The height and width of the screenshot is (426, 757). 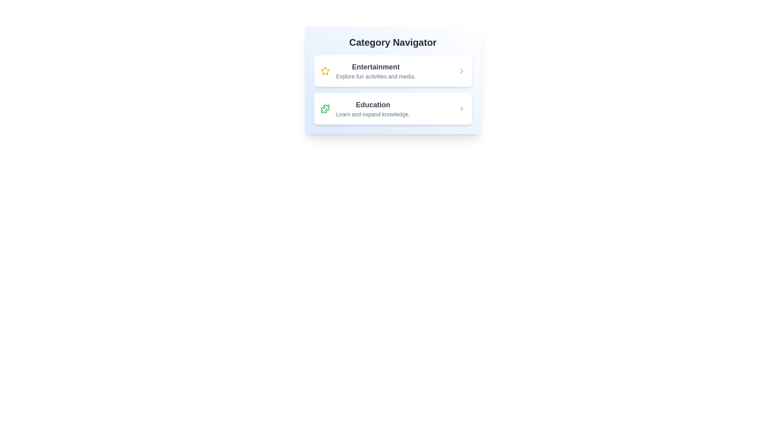 What do you see at coordinates (325, 71) in the screenshot?
I see `the 'Entertainment' category icon located at the top left part of the first card, which serves as a visual indicator for the category` at bounding box center [325, 71].